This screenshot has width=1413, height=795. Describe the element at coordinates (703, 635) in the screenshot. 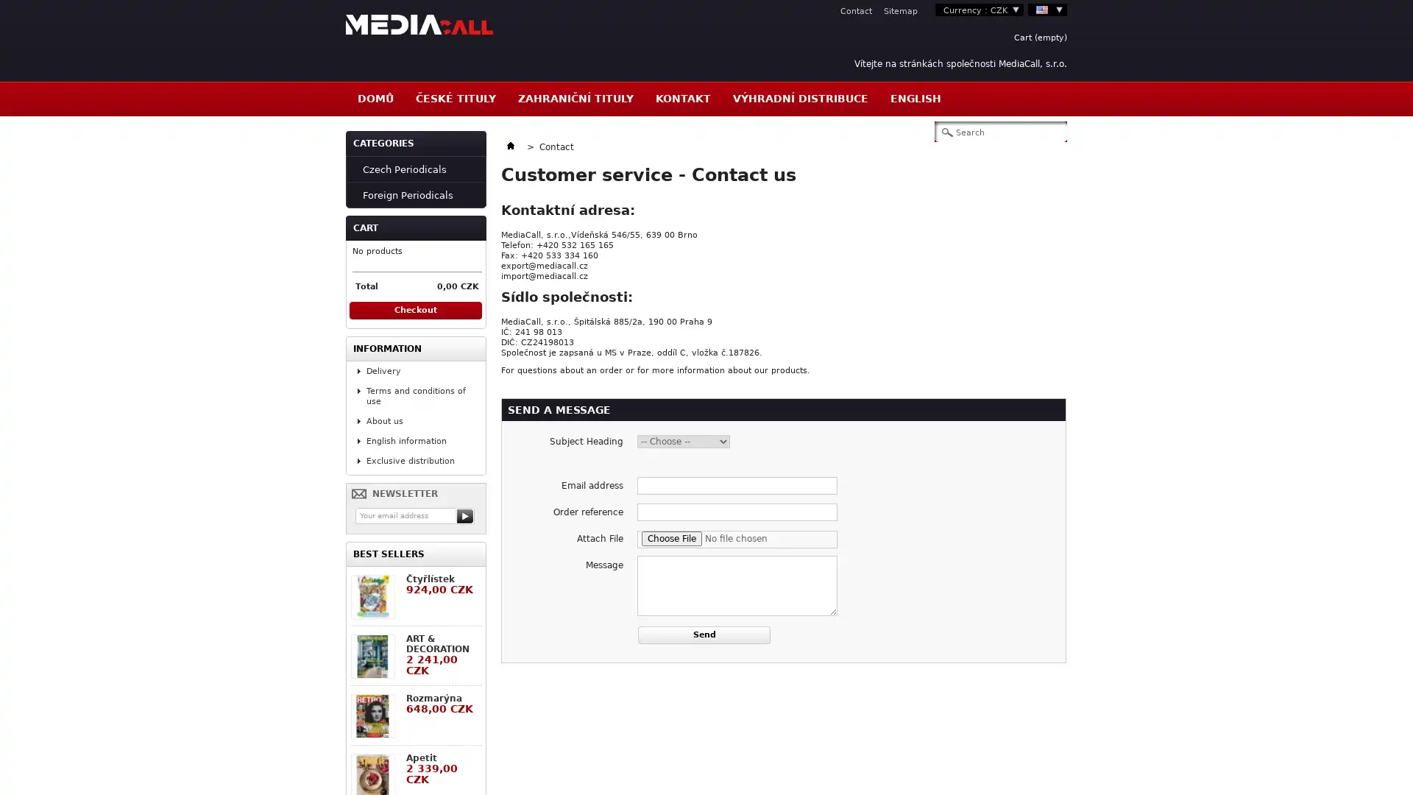

I see `Send` at that location.